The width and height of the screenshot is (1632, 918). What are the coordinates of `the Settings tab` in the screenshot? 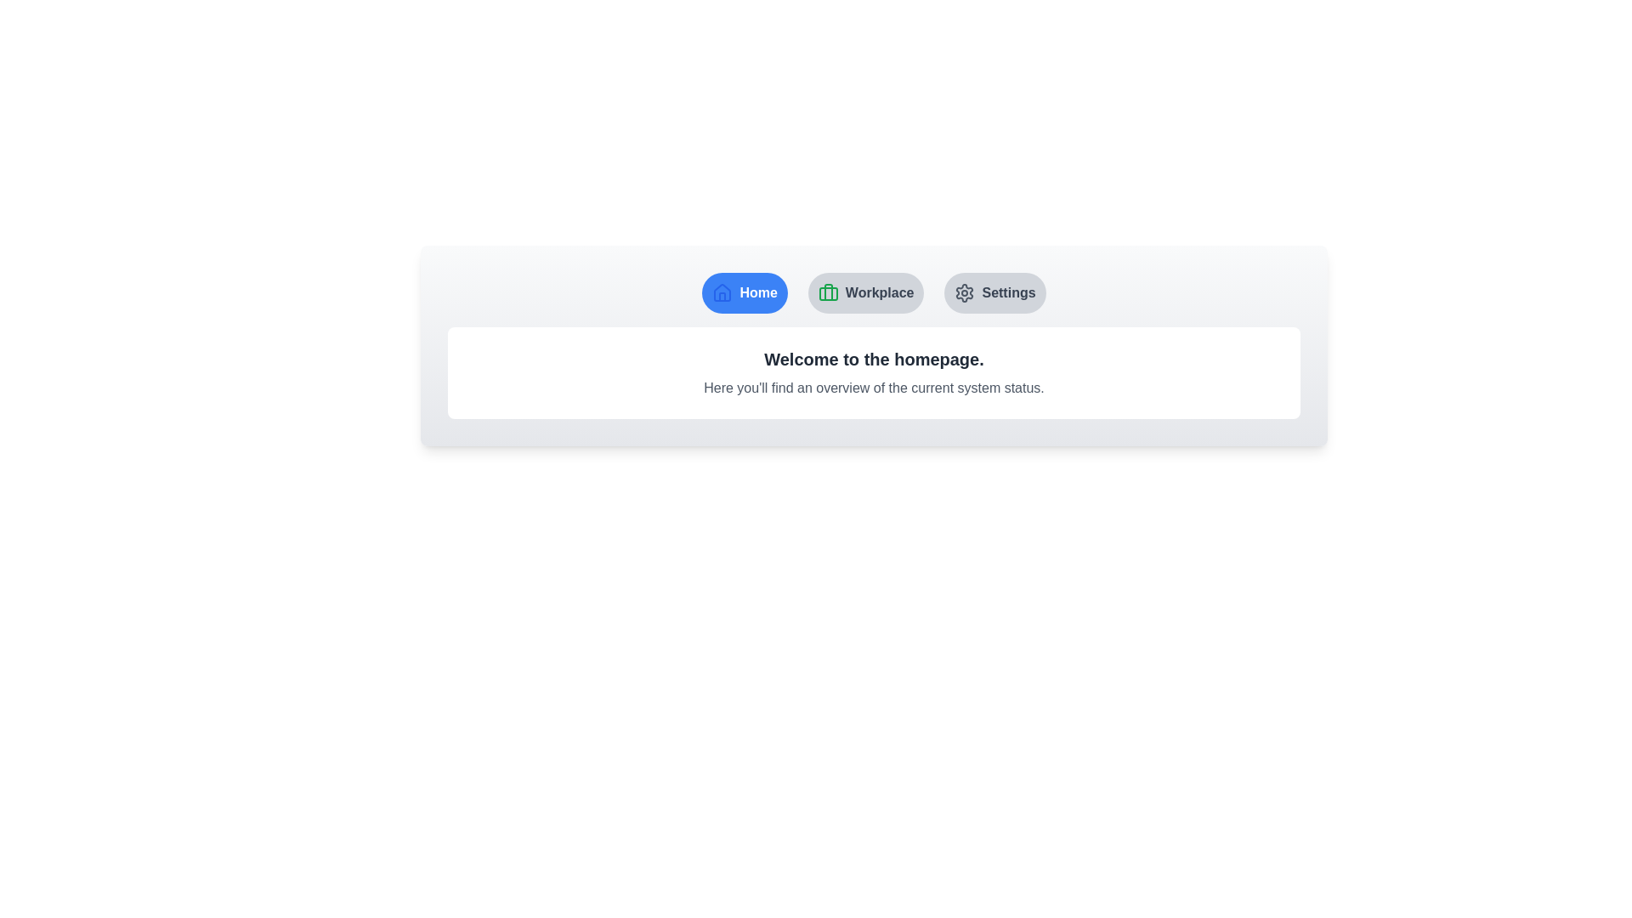 It's located at (995, 292).